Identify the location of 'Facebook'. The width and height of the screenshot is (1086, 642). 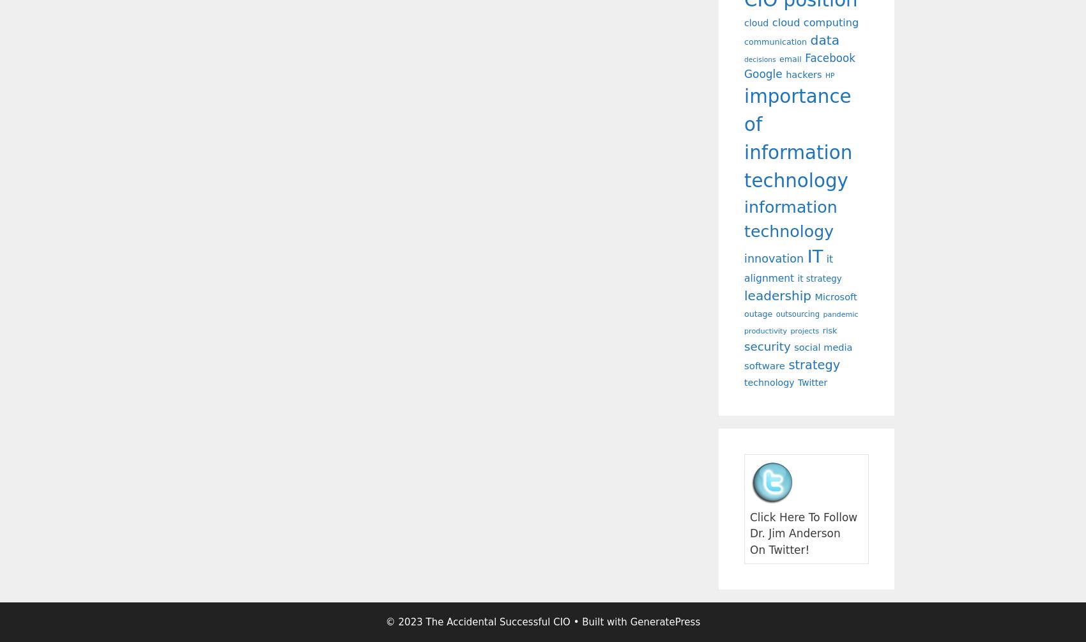
(830, 57).